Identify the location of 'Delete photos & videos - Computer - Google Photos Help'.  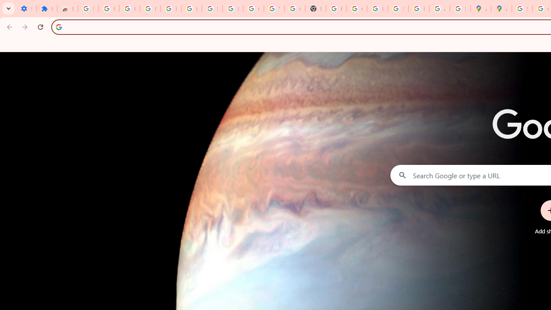
(150, 9).